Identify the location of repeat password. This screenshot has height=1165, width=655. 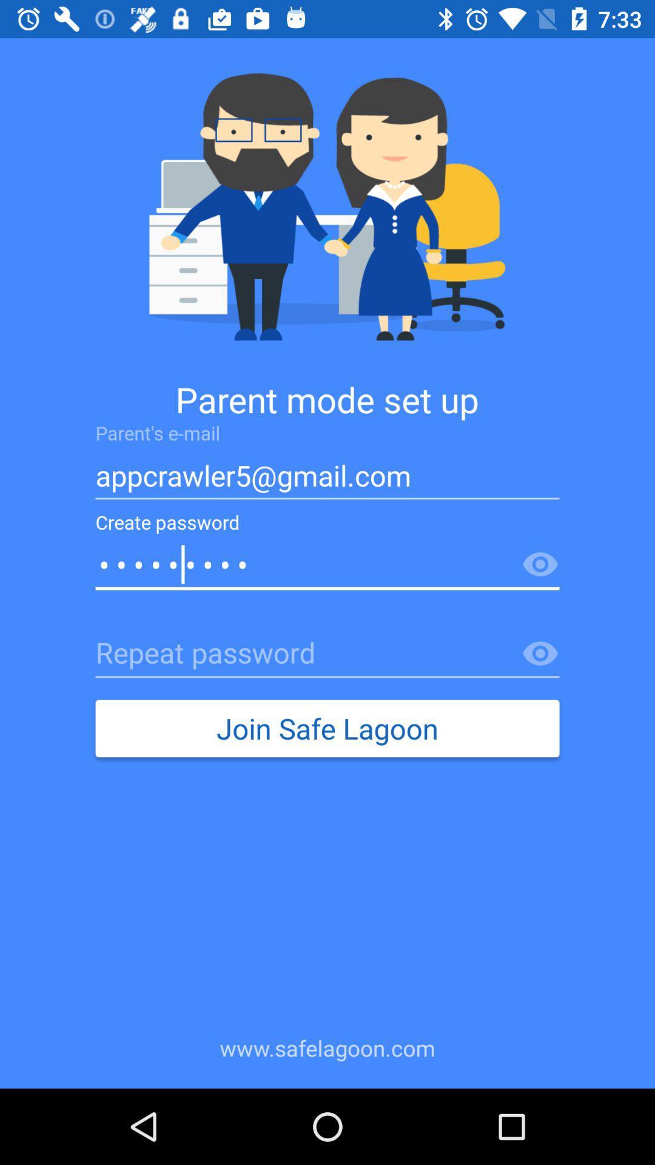
(327, 653).